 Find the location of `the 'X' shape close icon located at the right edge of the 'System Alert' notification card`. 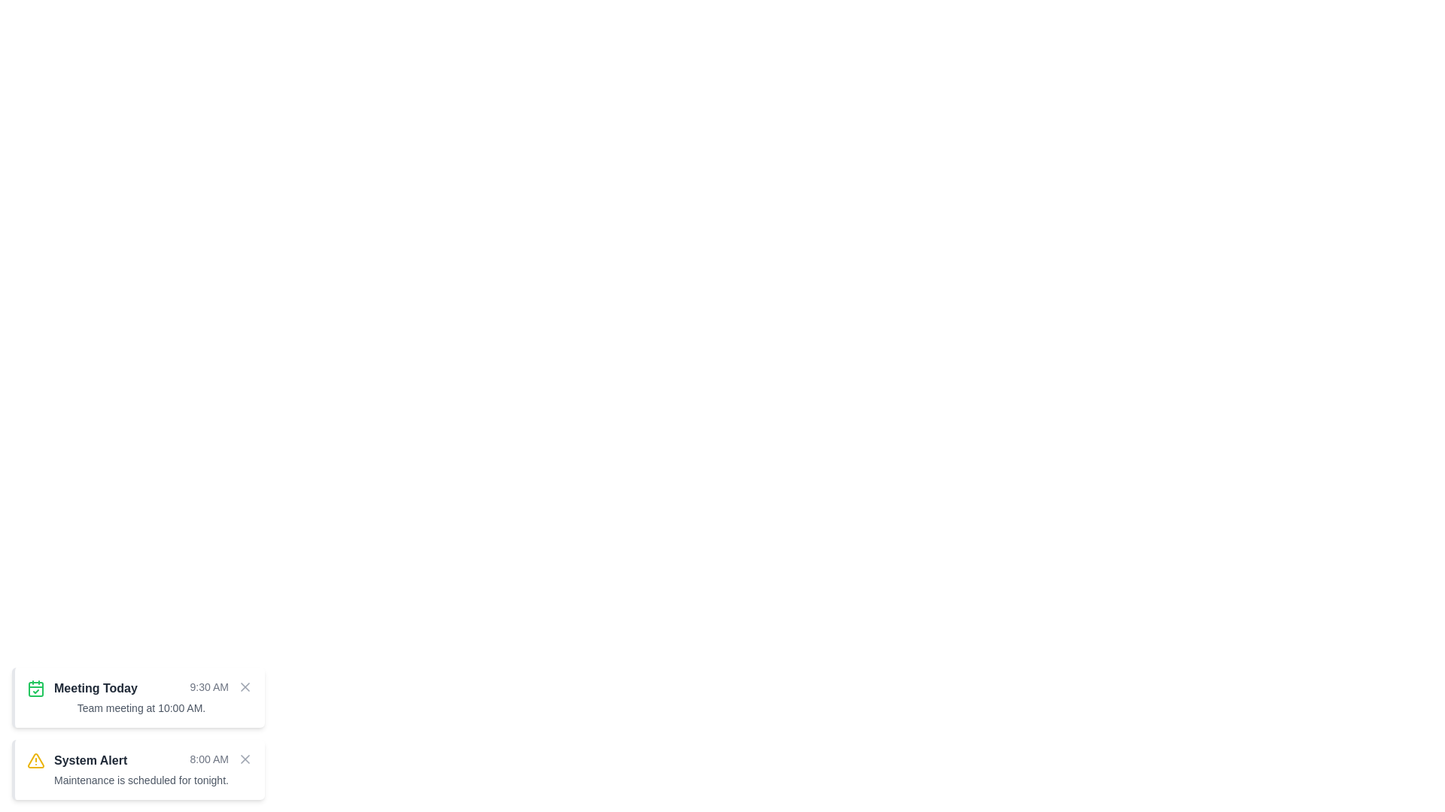

the 'X' shape close icon located at the right edge of the 'System Alert' notification card is located at coordinates (245, 759).